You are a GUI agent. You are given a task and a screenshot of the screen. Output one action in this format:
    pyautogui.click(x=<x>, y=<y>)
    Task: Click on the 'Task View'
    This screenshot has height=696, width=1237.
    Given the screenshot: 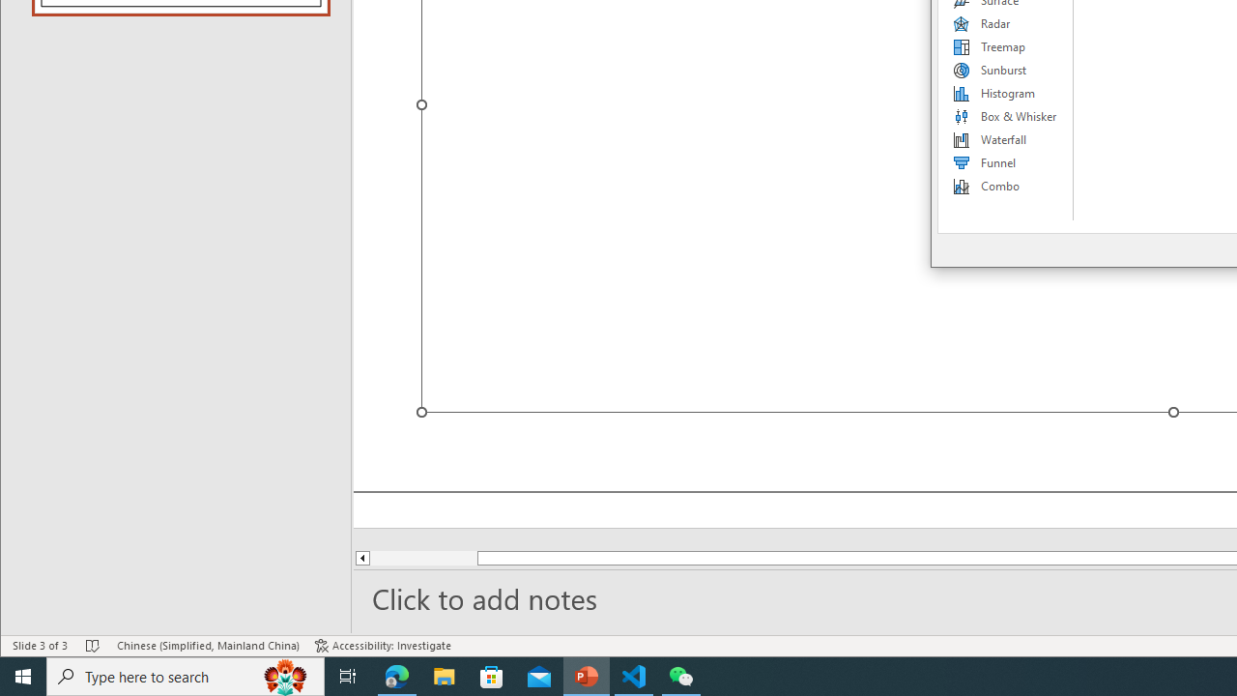 What is the action you would take?
    pyautogui.click(x=347, y=675)
    